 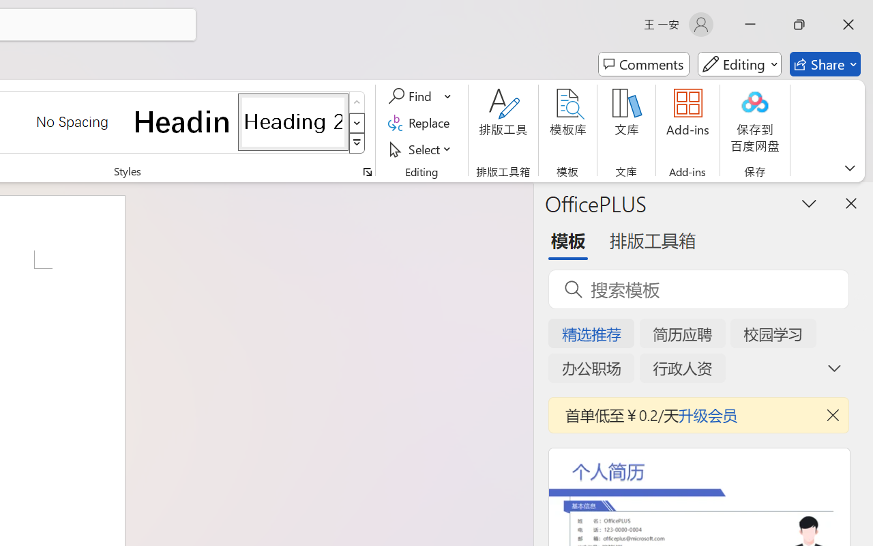 I want to click on 'Find', so click(x=411, y=96).